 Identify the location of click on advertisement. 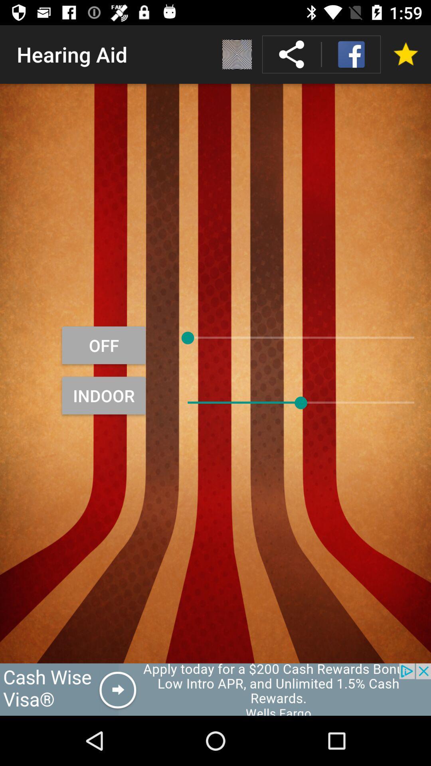
(215, 689).